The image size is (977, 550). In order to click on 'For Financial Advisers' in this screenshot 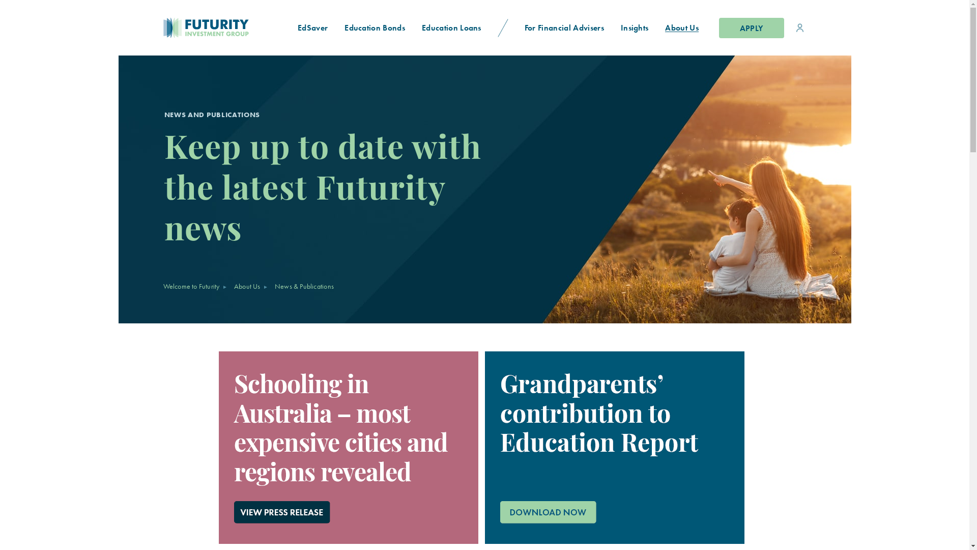, I will do `click(563, 27)`.